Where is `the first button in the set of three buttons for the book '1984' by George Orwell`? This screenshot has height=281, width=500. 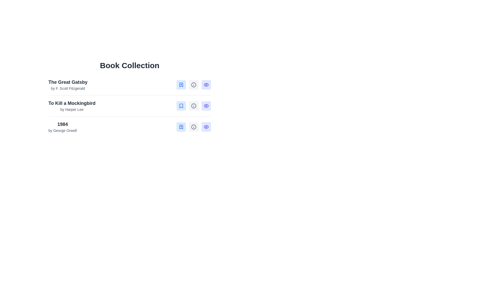
the first button in the set of three buttons for the book '1984' by George Orwell is located at coordinates (181, 127).